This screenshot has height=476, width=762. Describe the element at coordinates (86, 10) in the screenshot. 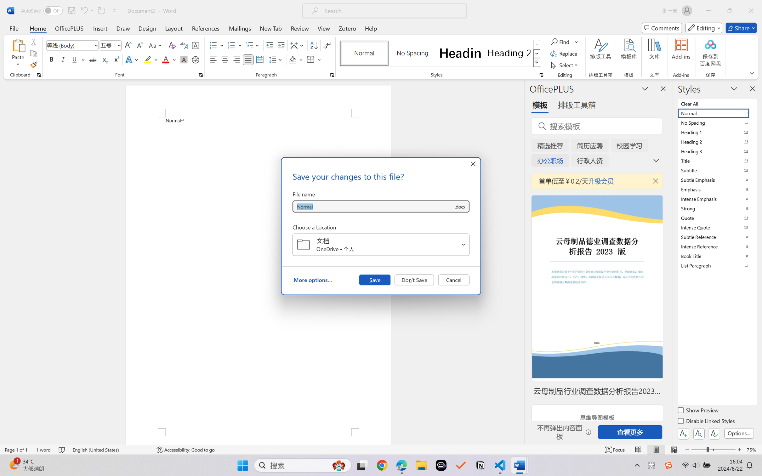

I see `'Undo Apply Quick Style'` at that location.